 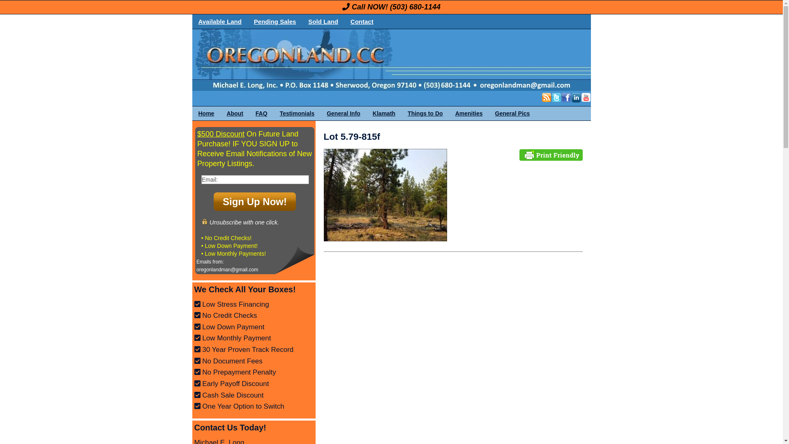 I want to click on 'Available Land', so click(x=220, y=21).